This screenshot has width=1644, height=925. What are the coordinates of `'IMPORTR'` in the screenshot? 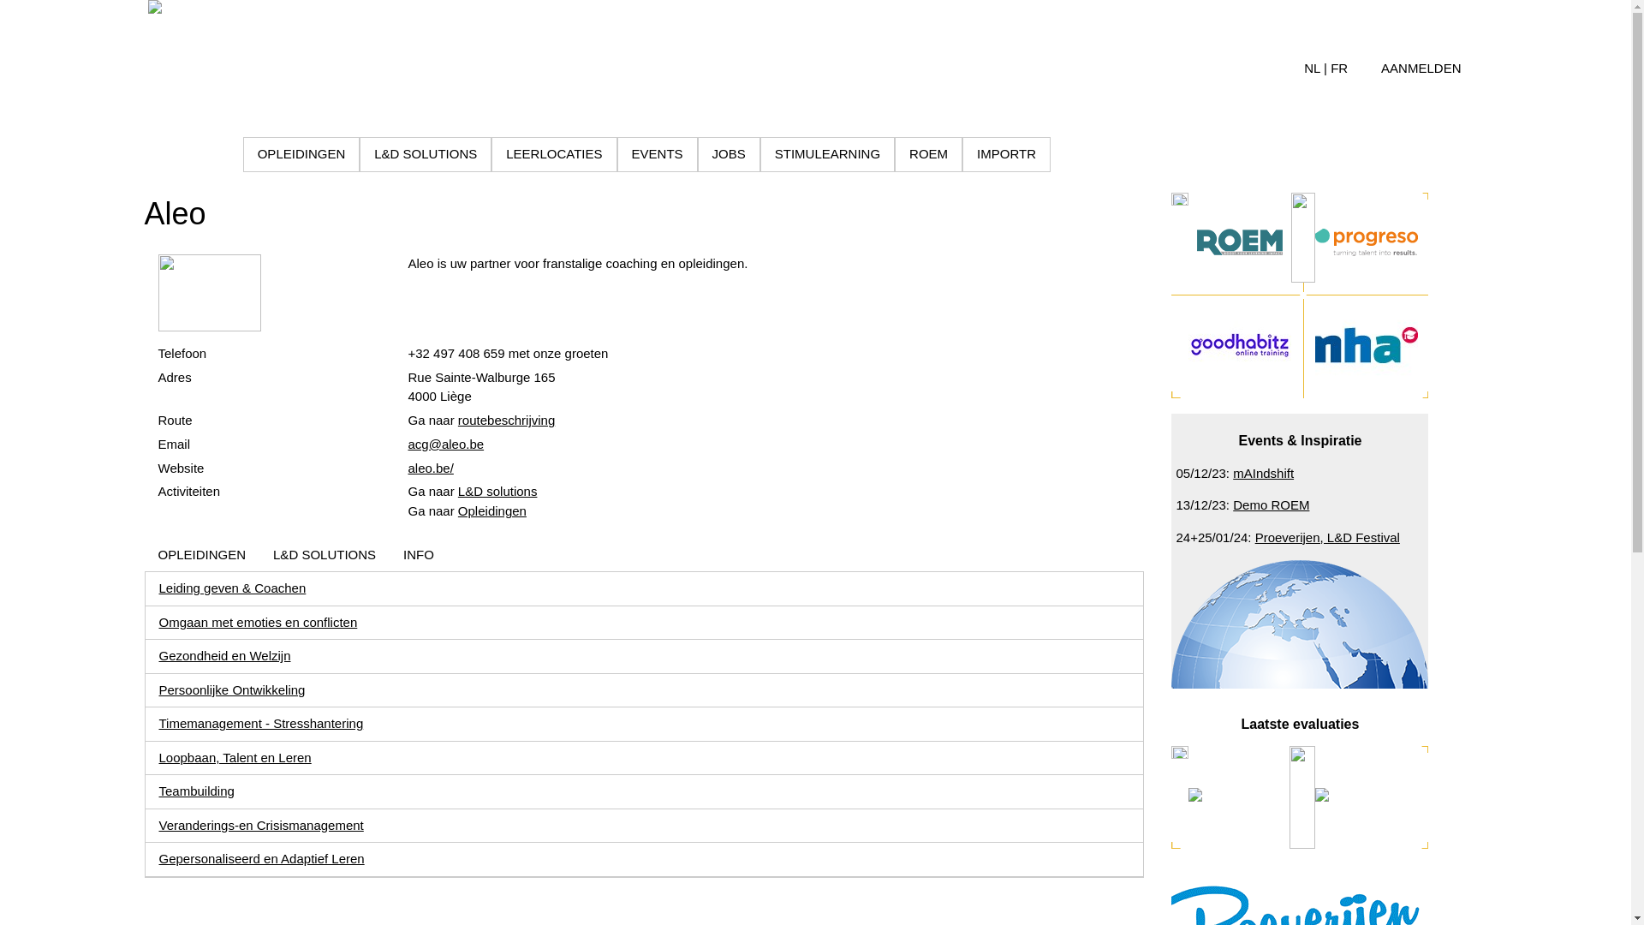 It's located at (1006, 154).